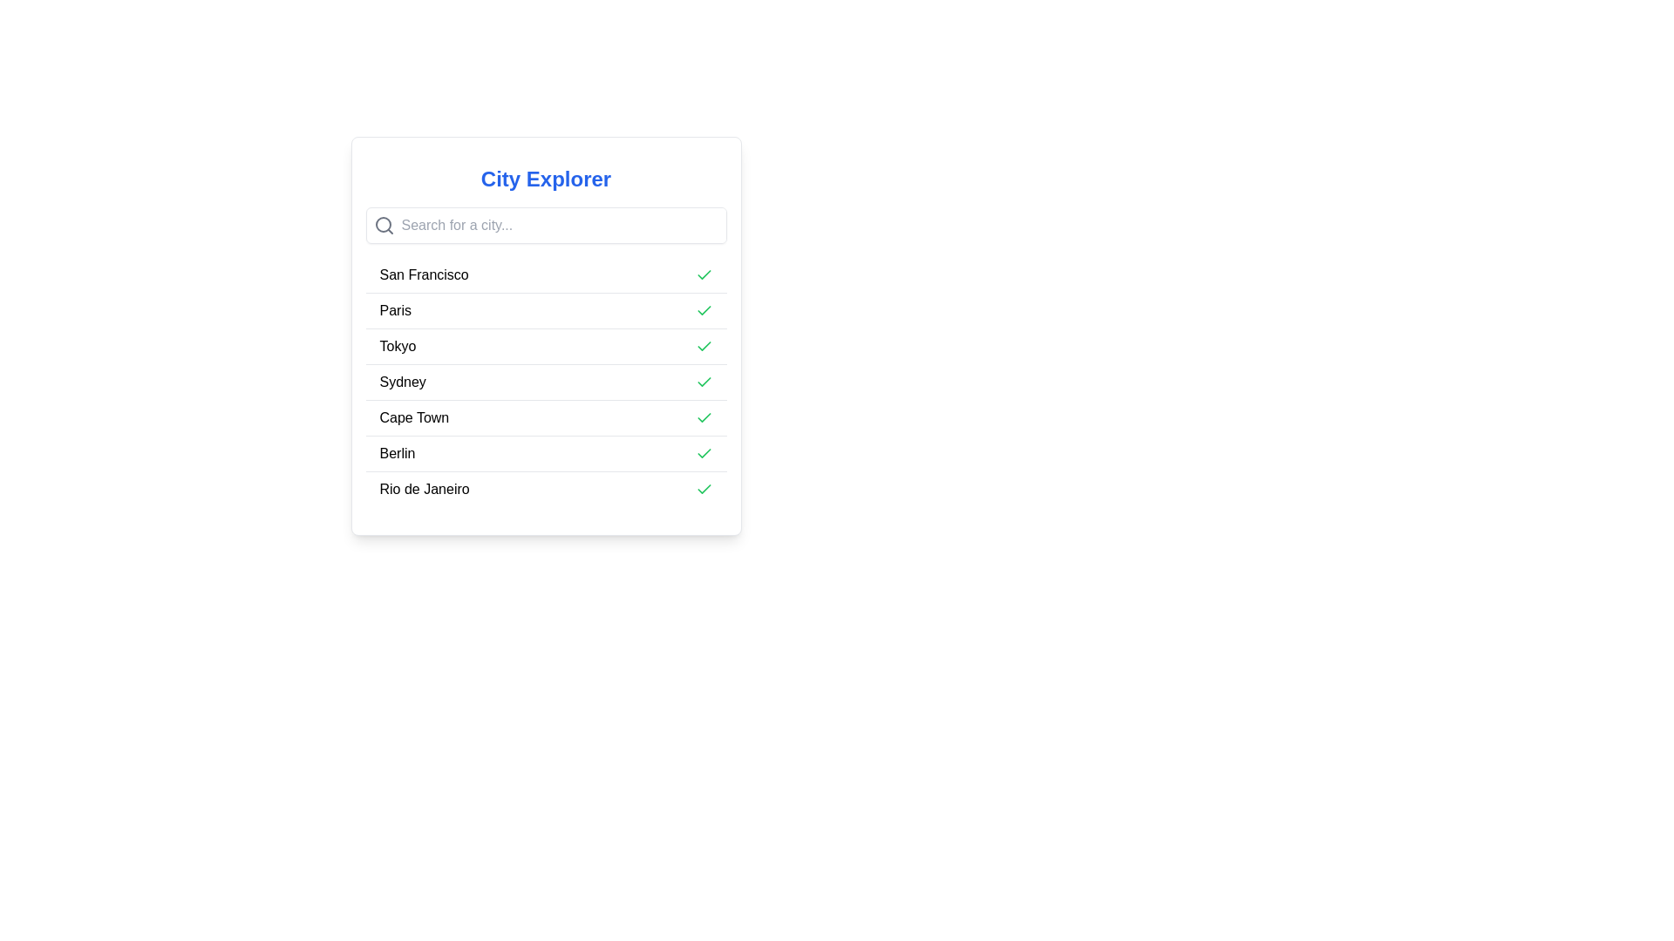 The image size is (1674, 941). I want to click on the approval icon next to the text 'Paris' in the structured table layout to indicate its status, so click(704, 274).